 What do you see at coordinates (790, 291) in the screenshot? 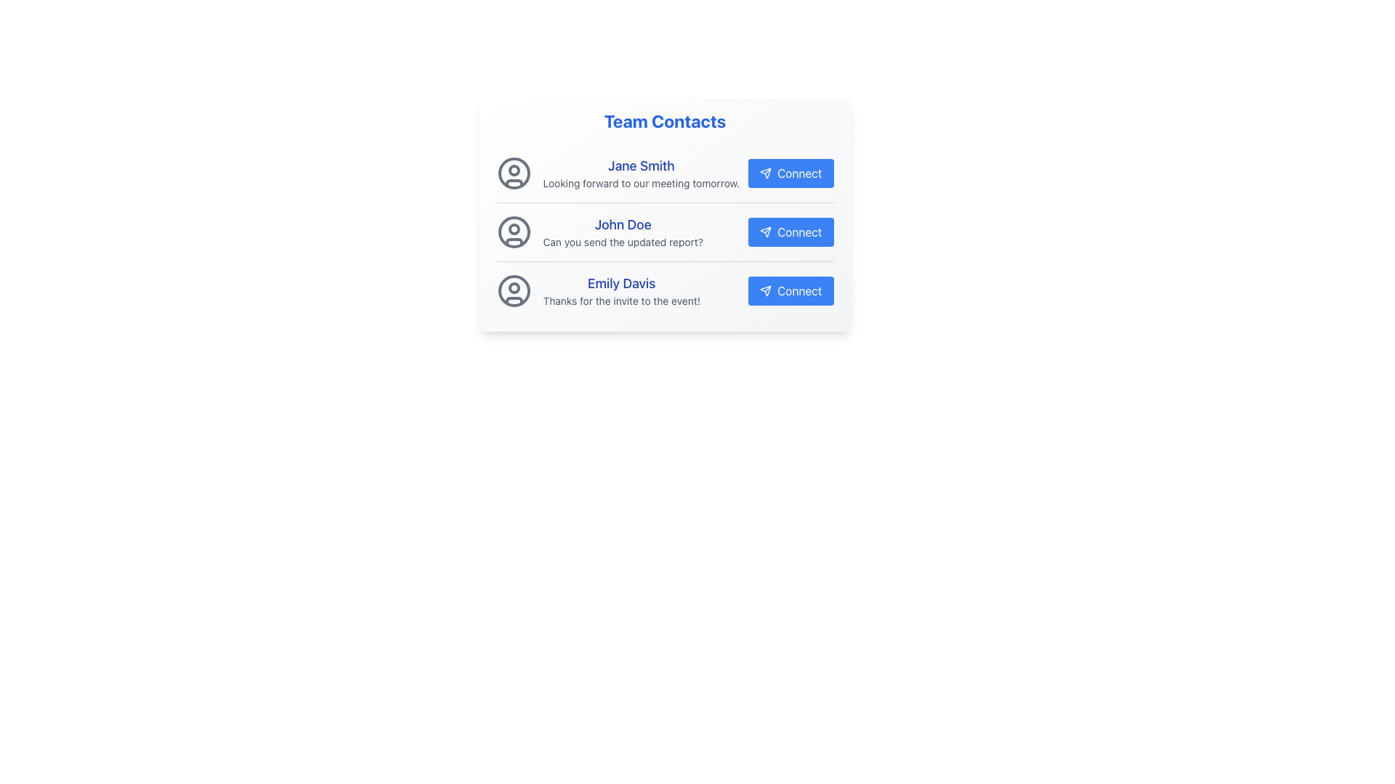
I see `the 'Connect' button with light blue background and rounded corners, associated with Emily Davis and the phrase 'Thanks for the invite to the event!'` at bounding box center [790, 291].